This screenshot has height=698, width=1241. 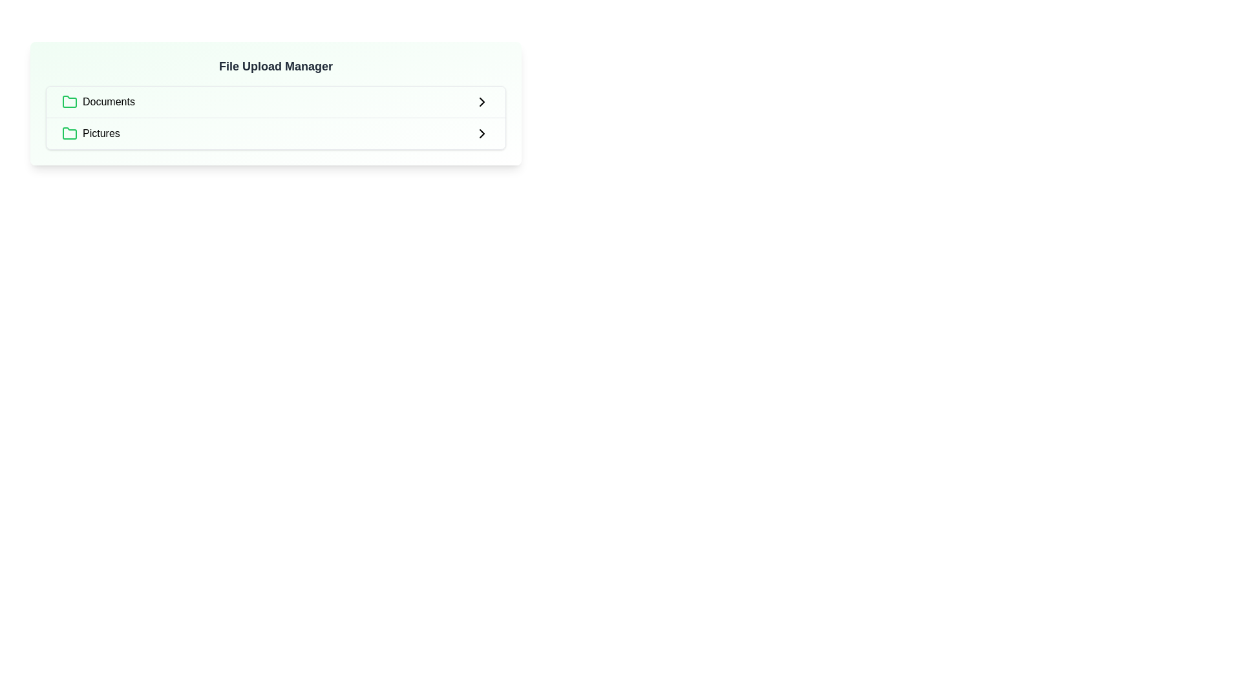 What do you see at coordinates (481, 134) in the screenshot?
I see `the rightward-pointing chevron icon located to the right of the 'Pictures' label, which serves as a navigation indicator` at bounding box center [481, 134].